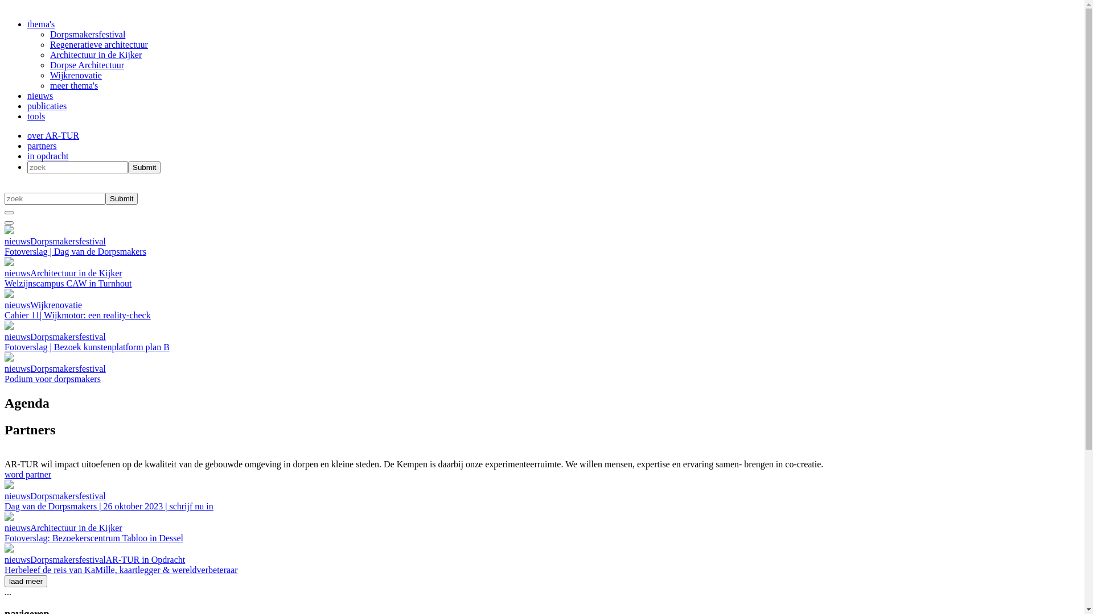 This screenshot has width=1093, height=614. Describe the element at coordinates (40, 95) in the screenshot. I see `'nieuws'` at that location.